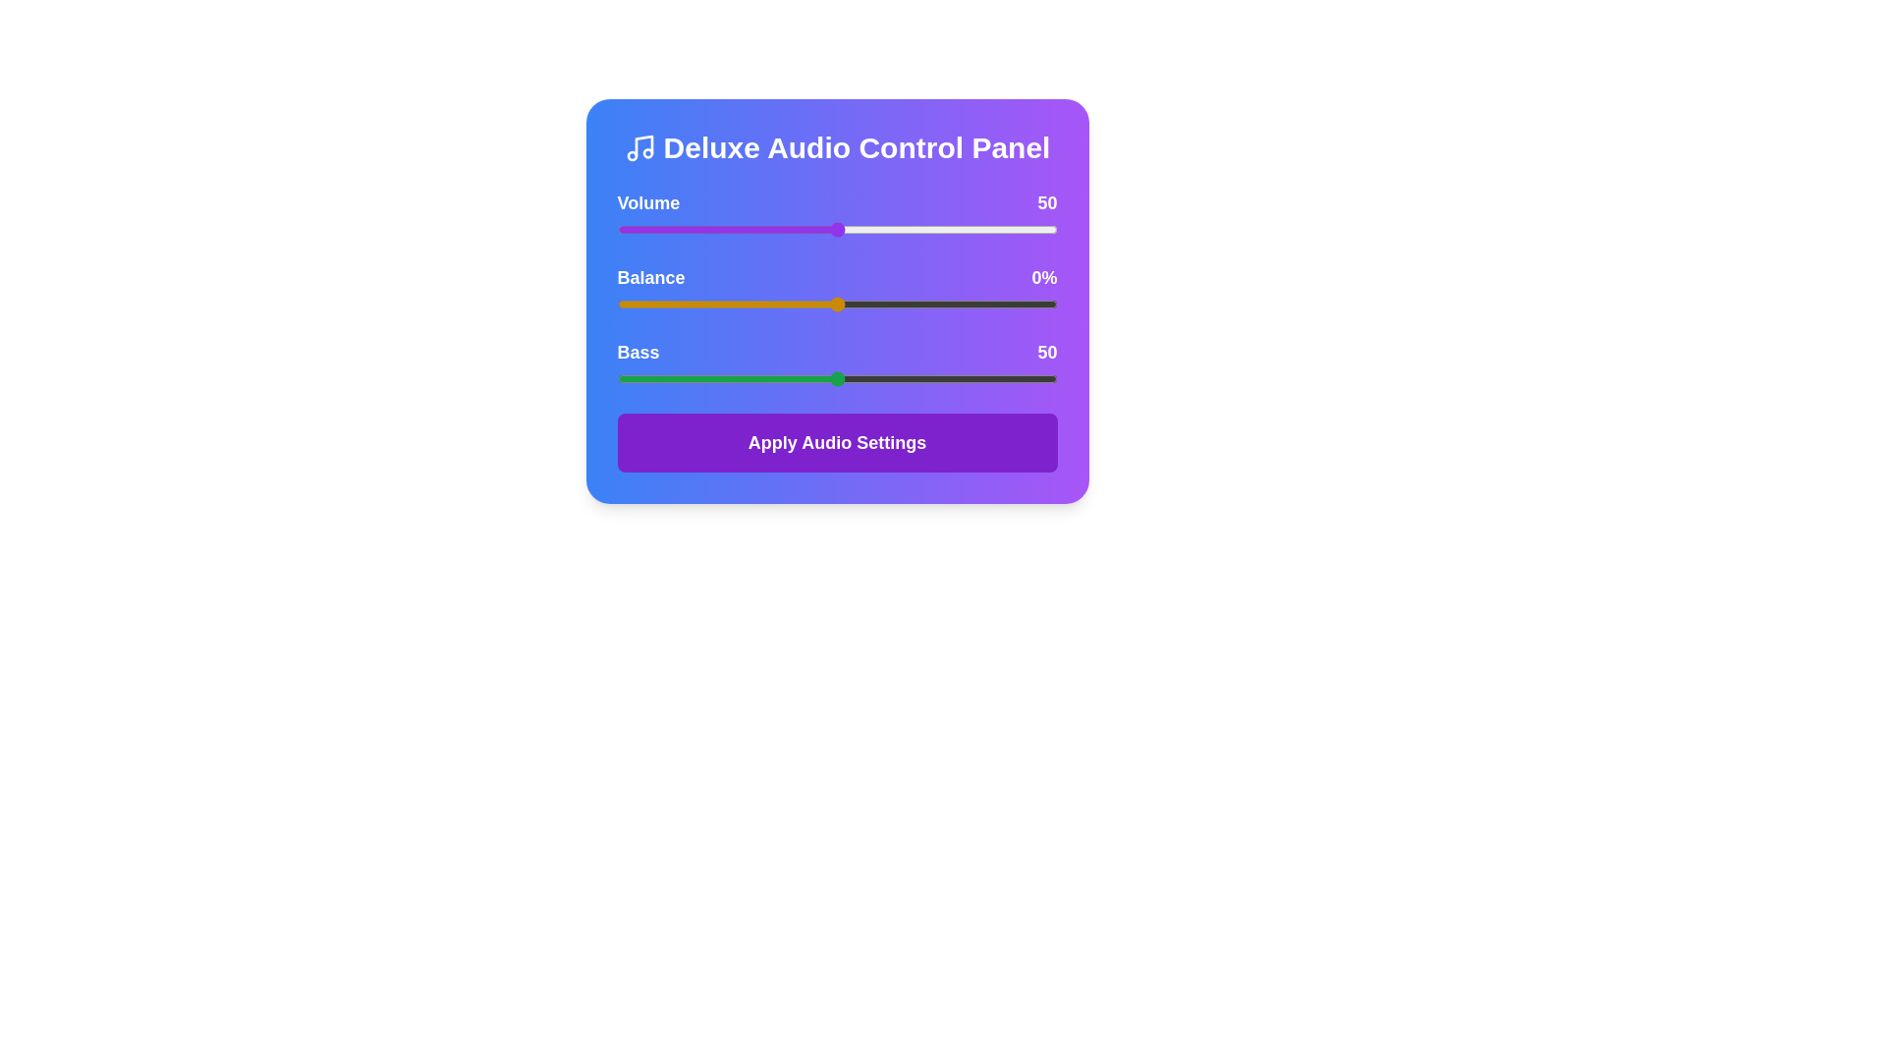  What do you see at coordinates (752, 304) in the screenshot?
I see `balance` at bounding box center [752, 304].